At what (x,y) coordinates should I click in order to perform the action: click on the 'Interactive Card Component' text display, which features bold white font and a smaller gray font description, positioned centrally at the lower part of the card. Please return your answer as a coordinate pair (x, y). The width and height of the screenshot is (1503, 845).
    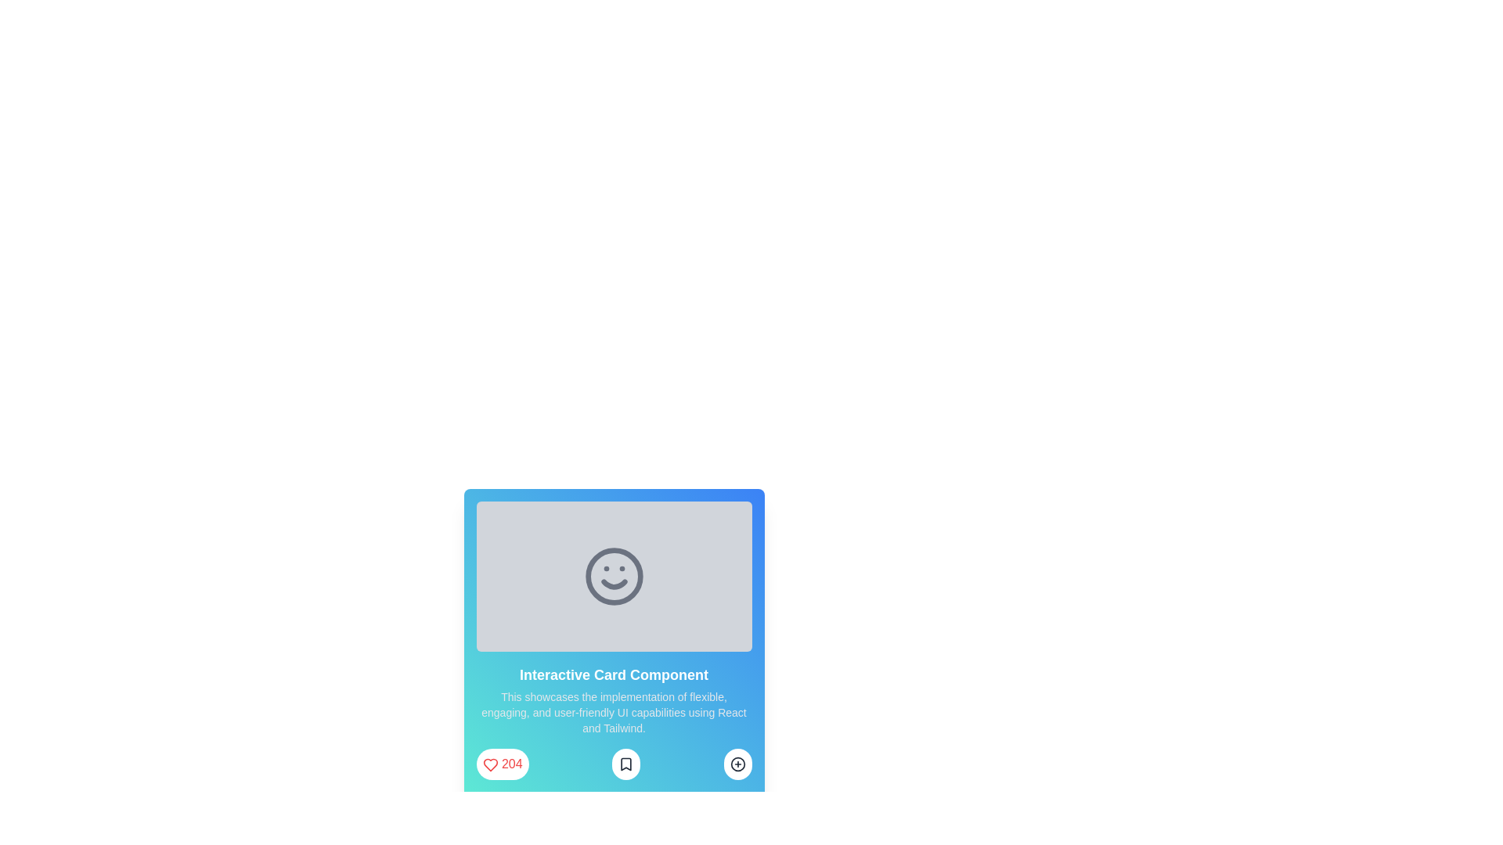
    Looking at the image, I should click on (613, 699).